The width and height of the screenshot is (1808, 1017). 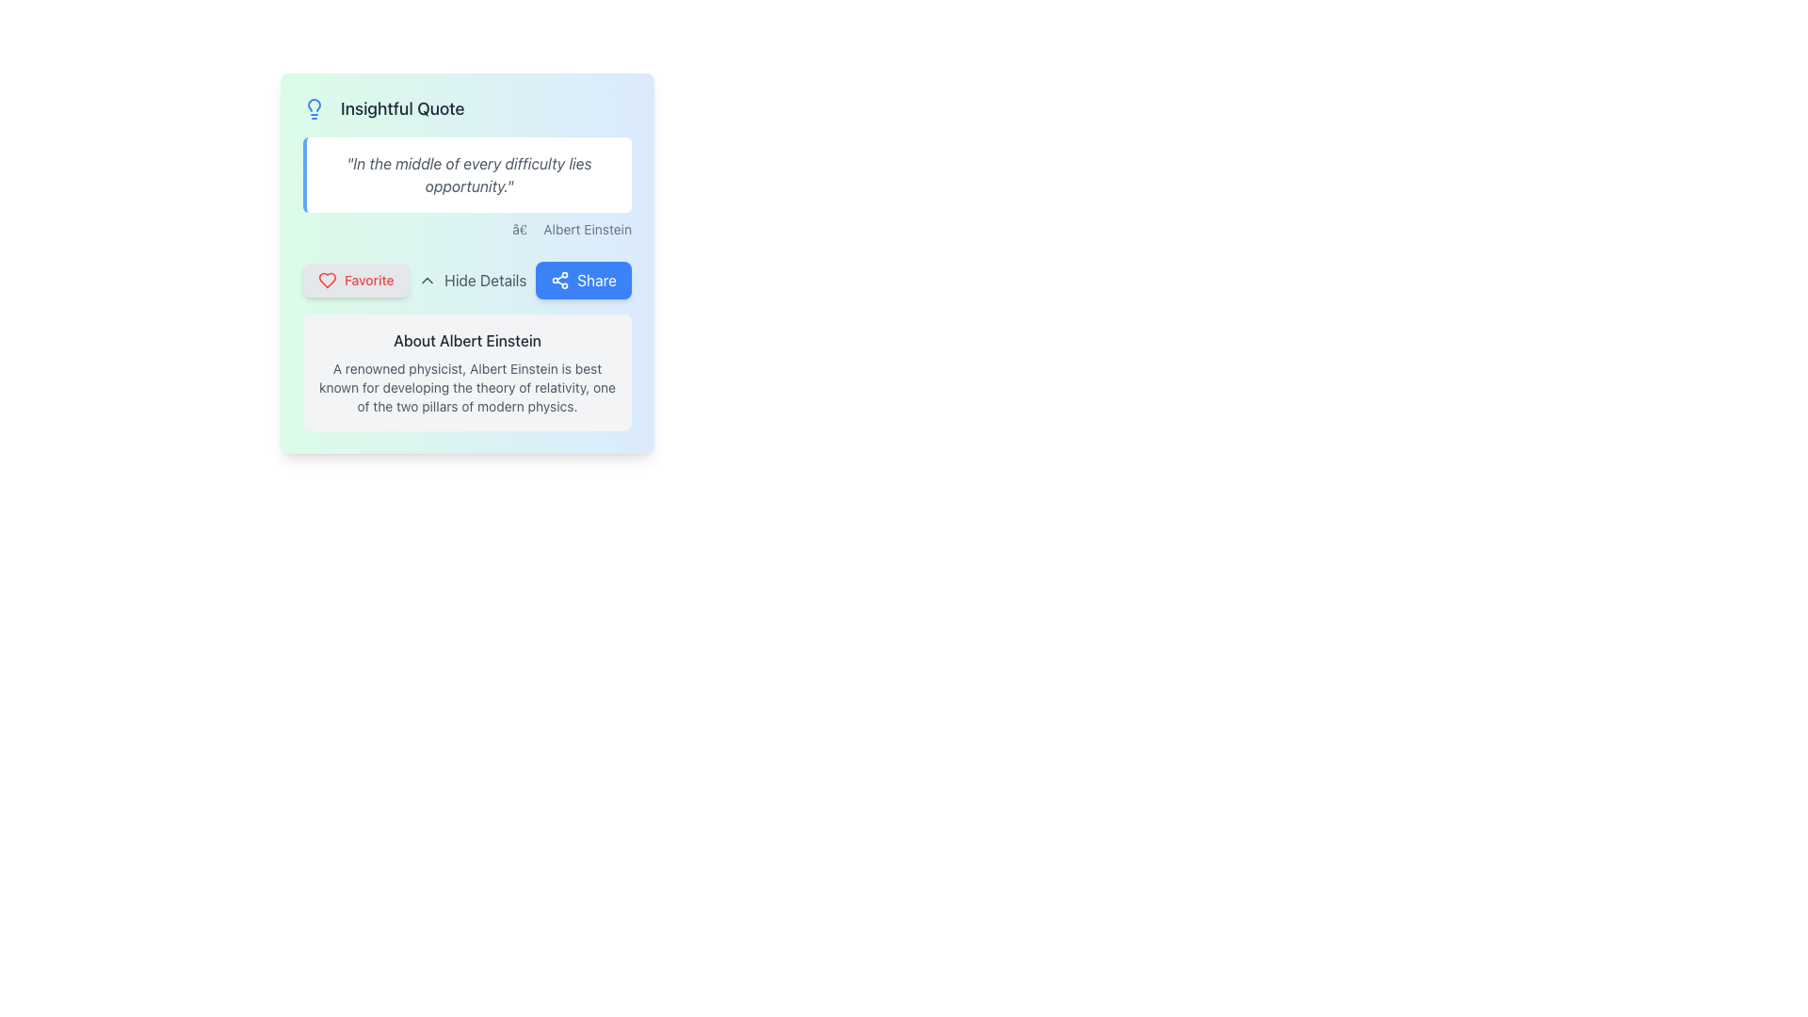 I want to click on the sharing button located at the rightmost position among three buttons at the bottom of the card interface, so click(x=582, y=280).